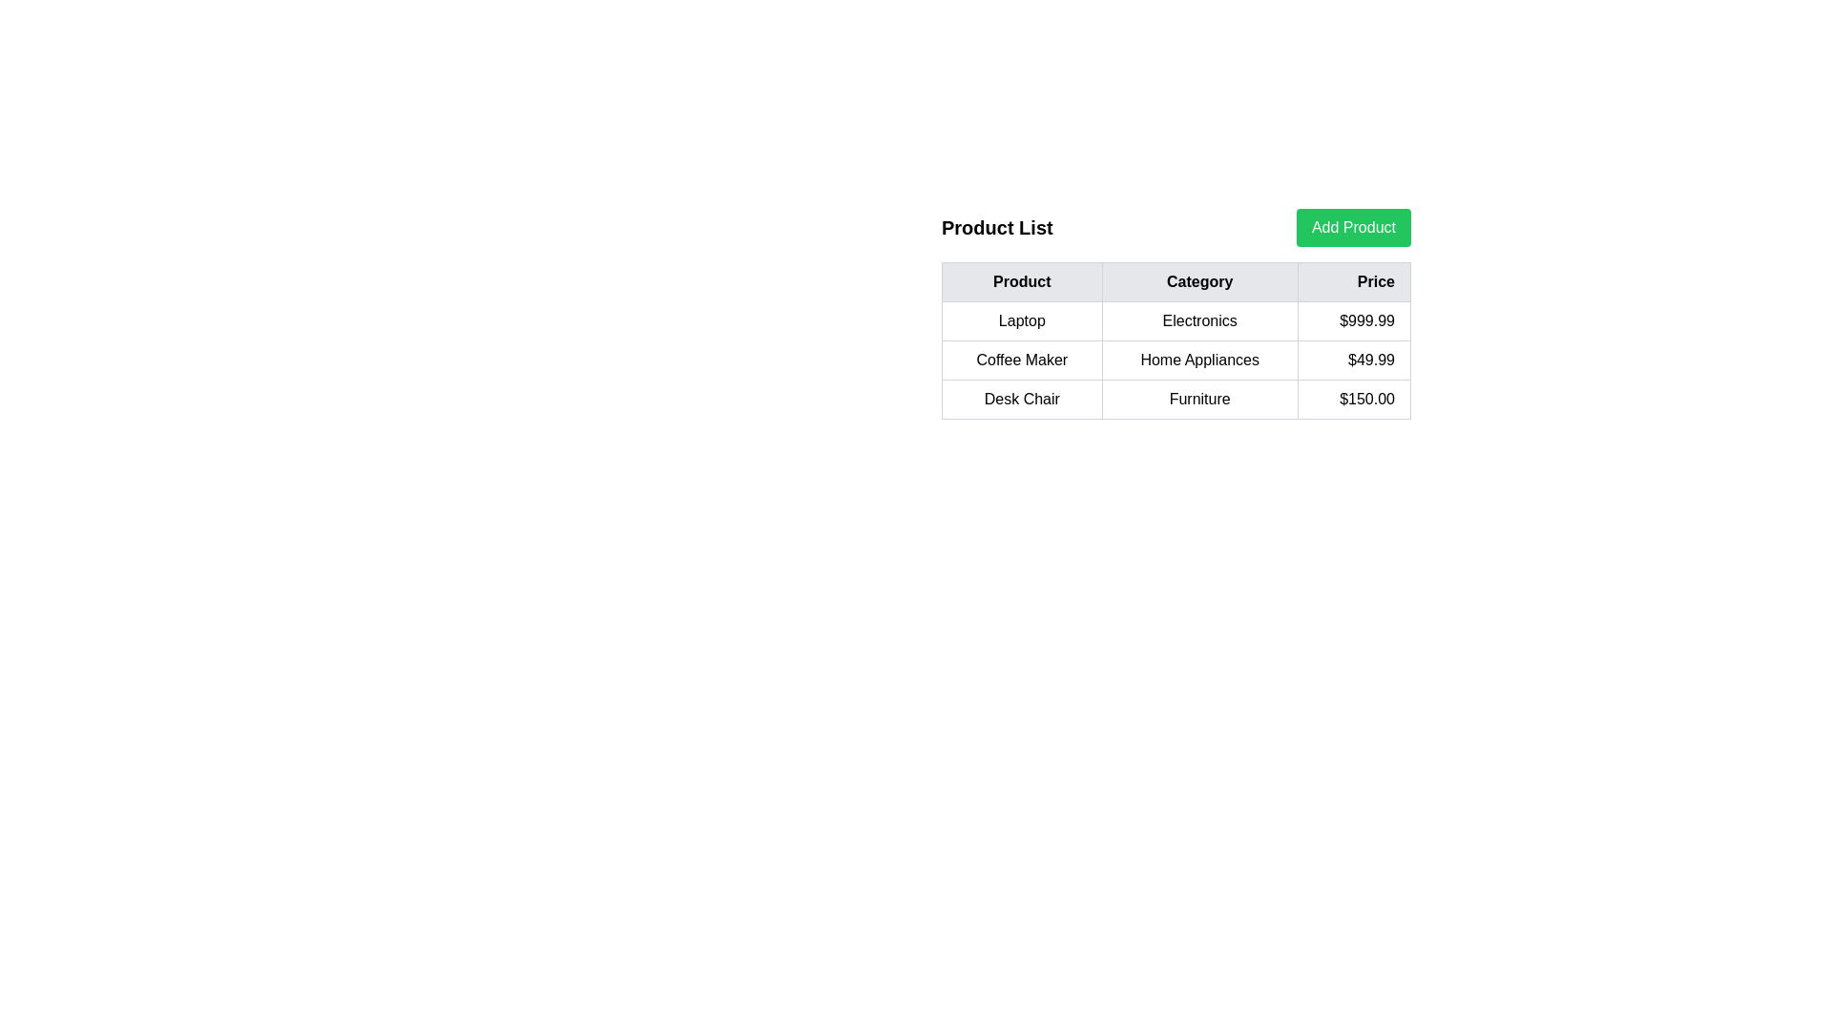 This screenshot has width=1832, height=1030. What do you see at coordinates (1198, 399) in the screenshot?
I see `text label categorizing 'Desk Chair' under the 'Furniture' category in the 'Category' column of the third row in the 'Product List' table` at bounding box center [1198, 399].